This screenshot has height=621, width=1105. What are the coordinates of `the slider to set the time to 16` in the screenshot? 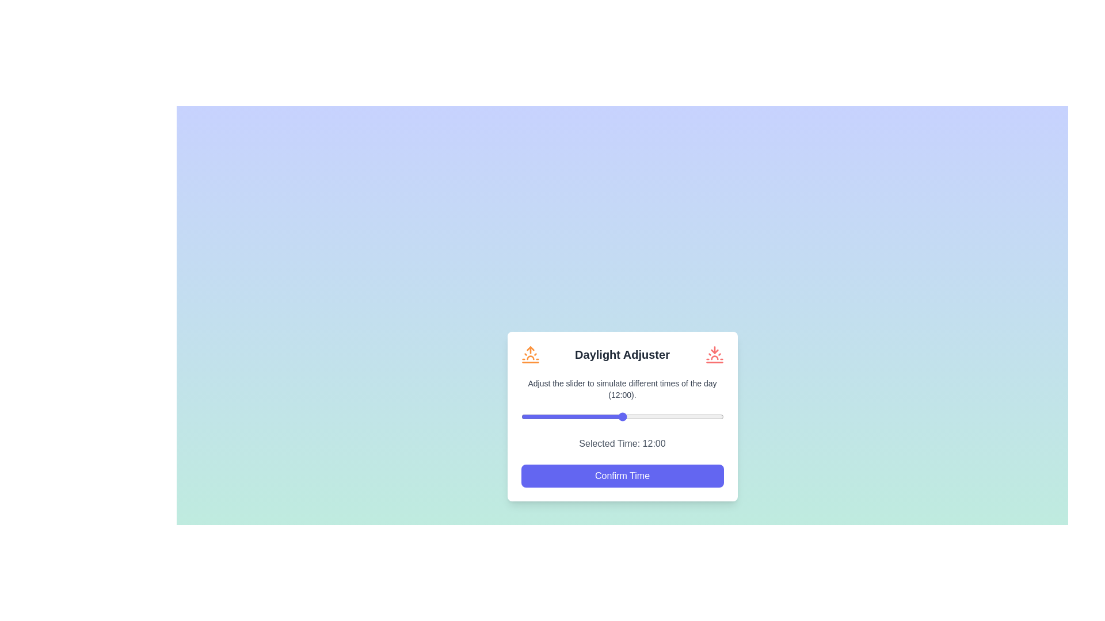 It's located at (656, 416).